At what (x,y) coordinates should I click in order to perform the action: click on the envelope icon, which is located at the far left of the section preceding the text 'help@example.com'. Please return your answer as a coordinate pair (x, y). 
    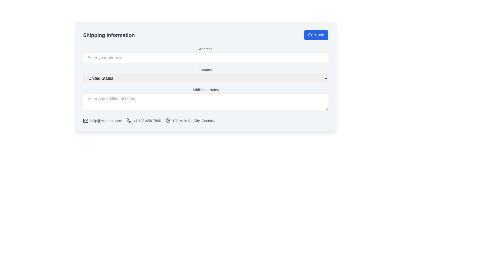
    Looking at the image, I should click on (85, 121).